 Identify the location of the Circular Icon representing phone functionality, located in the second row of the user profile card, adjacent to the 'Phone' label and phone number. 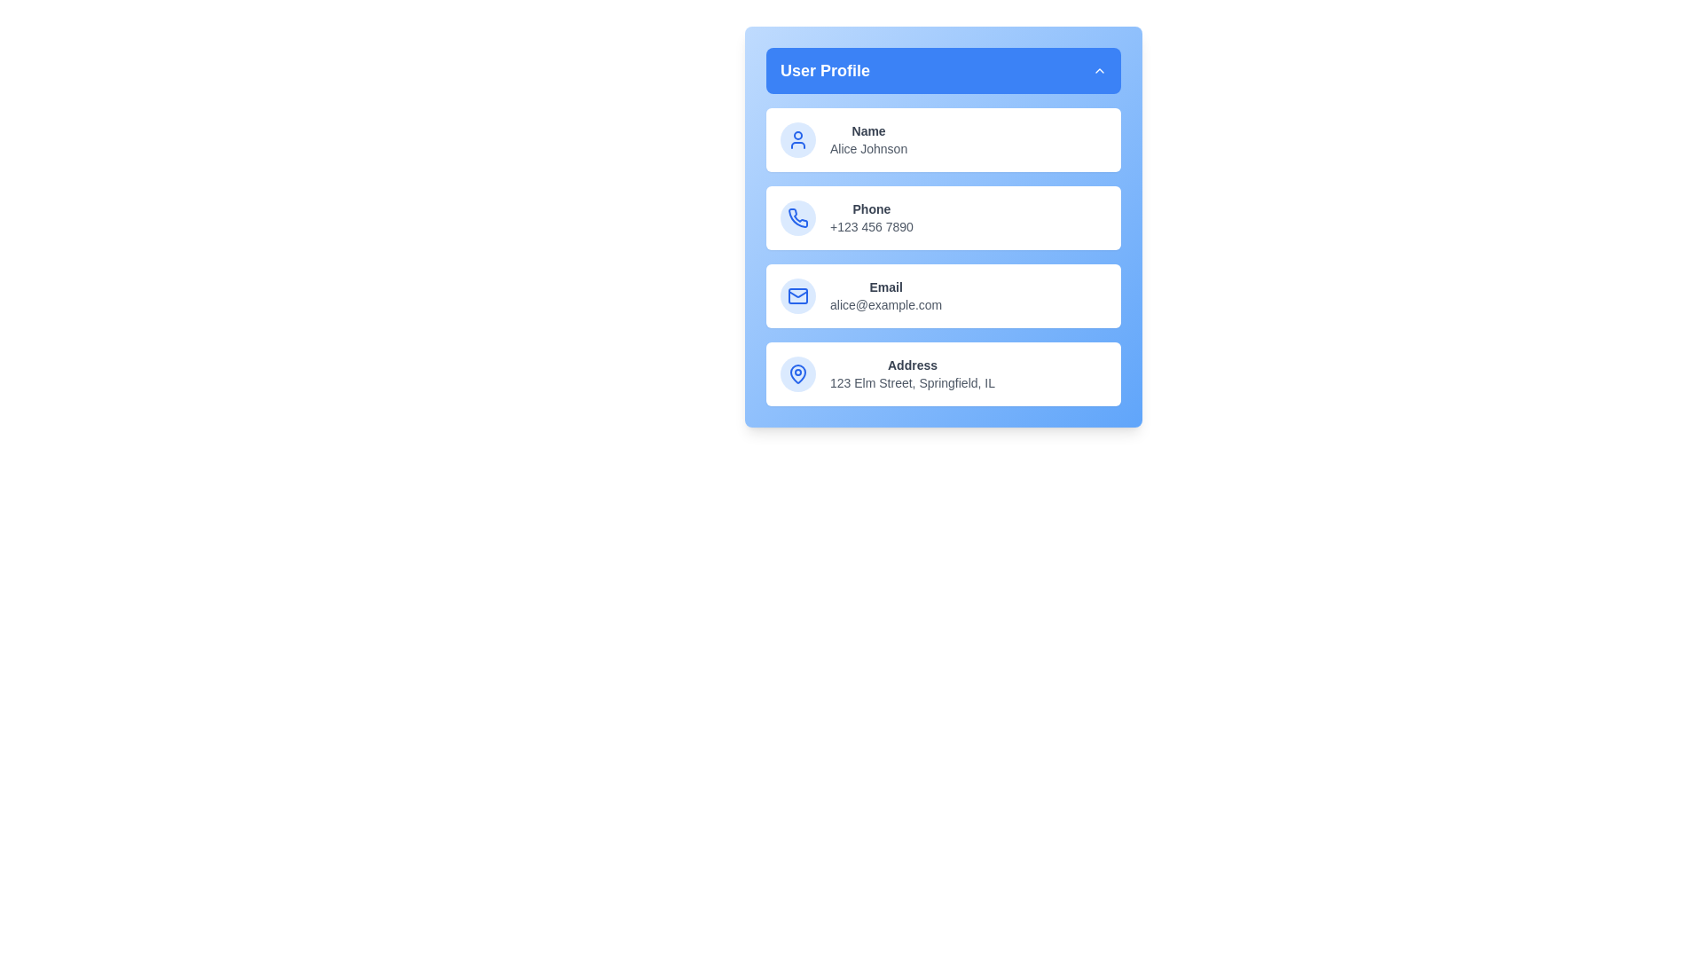
(797, 217).